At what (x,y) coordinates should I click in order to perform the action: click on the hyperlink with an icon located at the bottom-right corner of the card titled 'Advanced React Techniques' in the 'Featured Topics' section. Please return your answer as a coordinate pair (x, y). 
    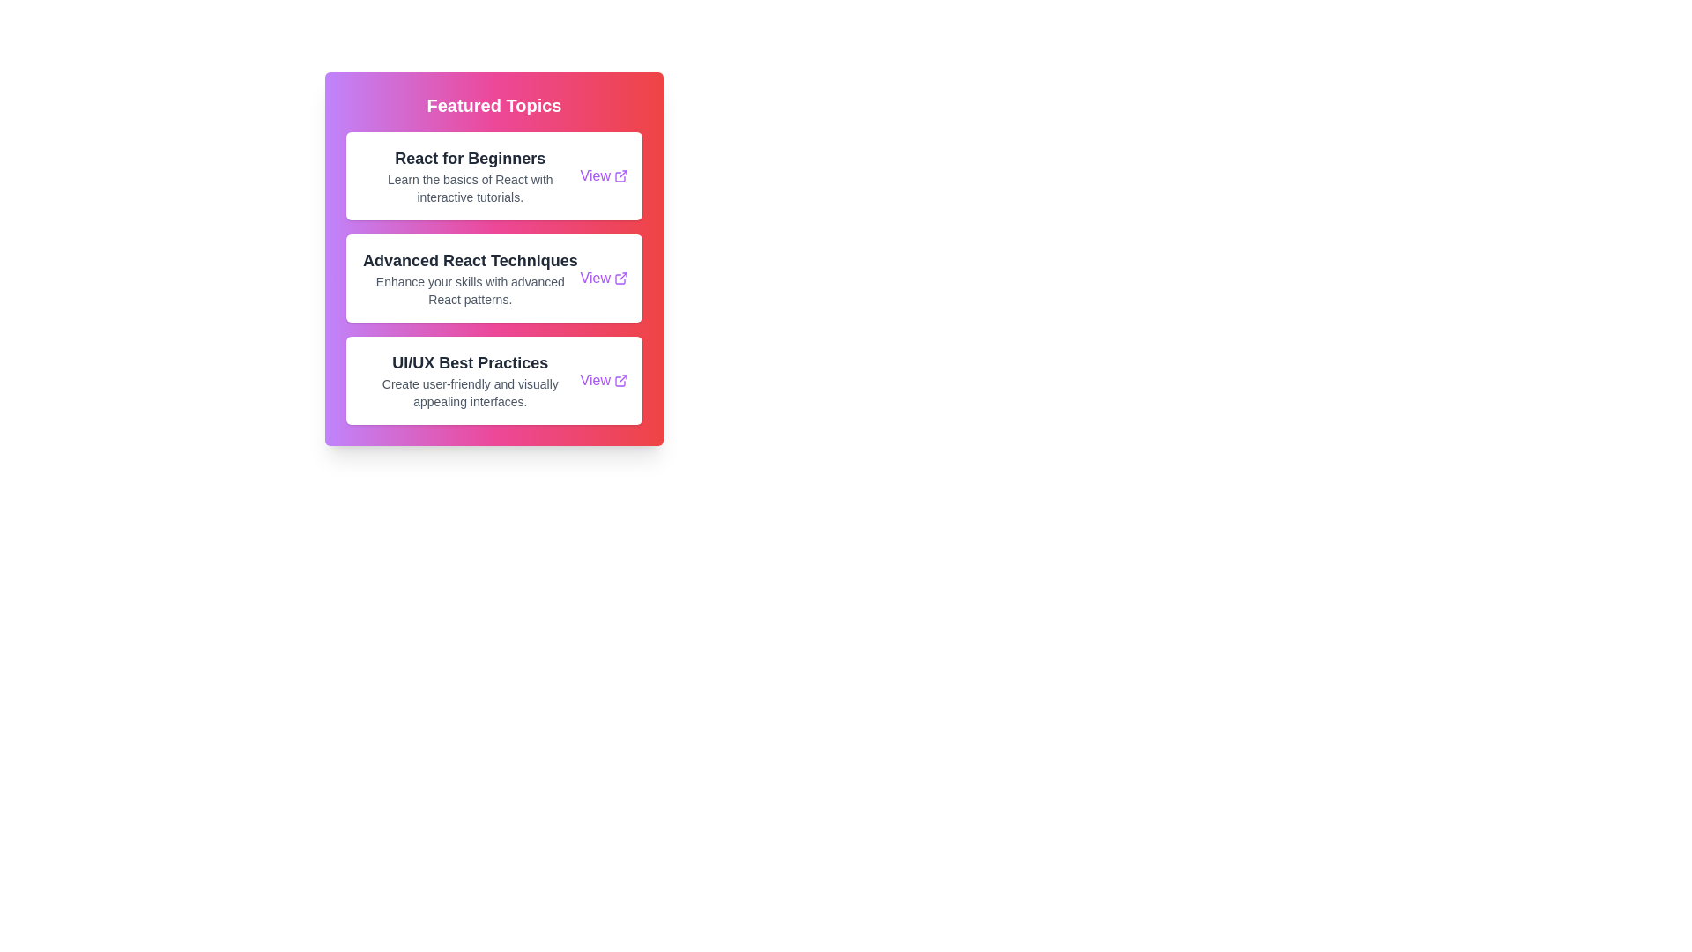
    Looking at the image, I should click on (604, 278).